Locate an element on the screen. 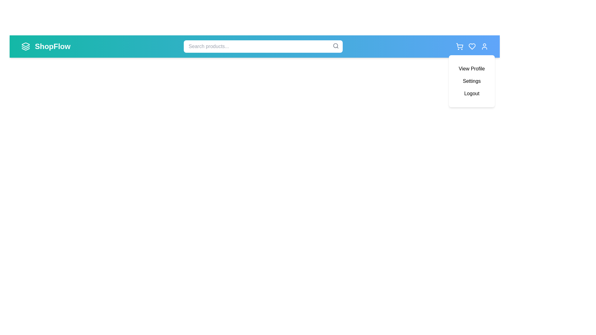 This screenshot has width=596, height=335. the 'Settings' option in the dropdown menu is located at coordinates (472, 81).